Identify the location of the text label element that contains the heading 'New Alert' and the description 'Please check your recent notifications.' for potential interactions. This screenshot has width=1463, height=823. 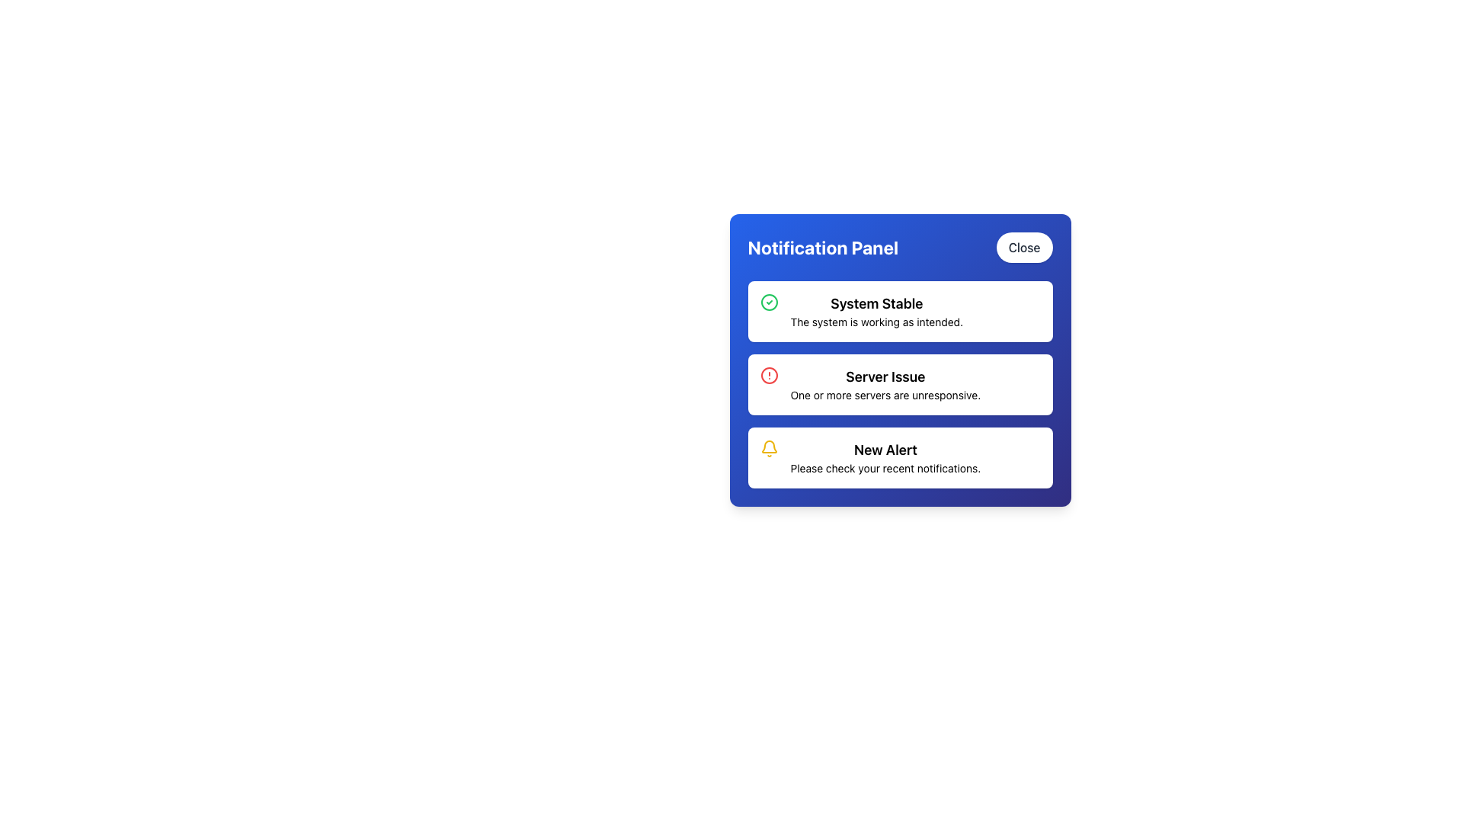
(885, 457).